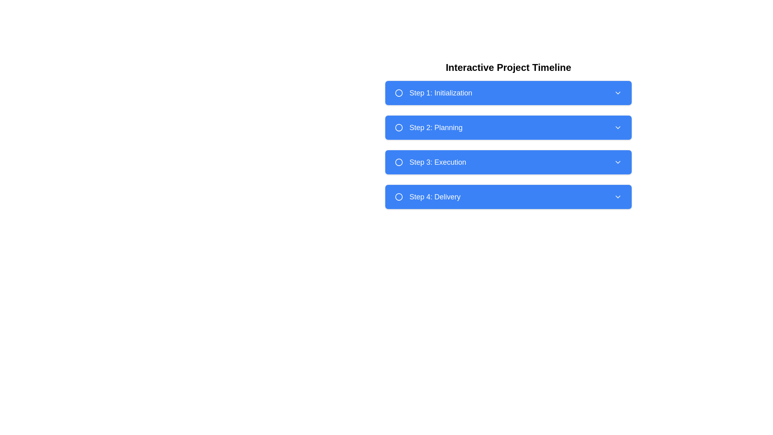 The image size is (773, 435). I want to click on the Dropdown toggle icon located at the far right of the 'Step 4: Delivery' item in the interactive project timeline interface, so click(618, 197).